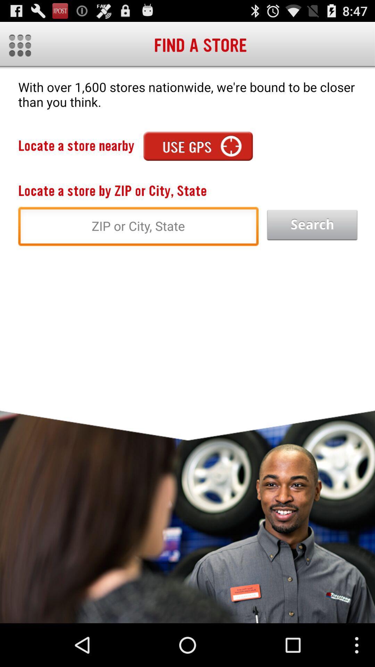 The image size is (375, 667). Describe the element at coordinates (312, 225) in the screenshot. I see `search` at that location.